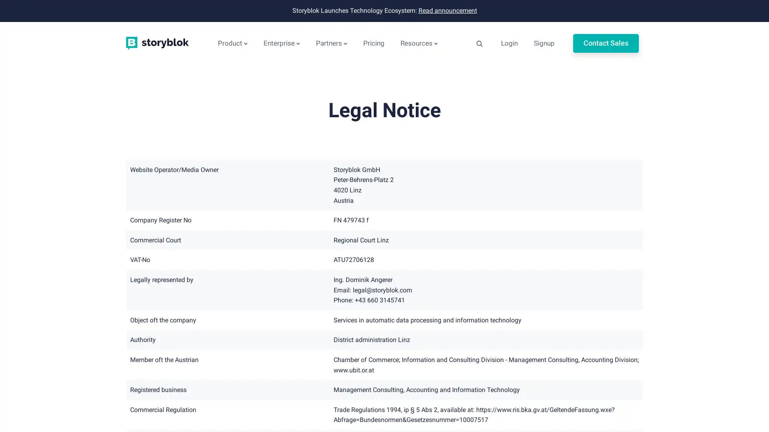 The image size is (769, 432). What do you see at coordinates (282, 43) in the screenshot?
I see `Enterprise` at bounding box center [282, 43].